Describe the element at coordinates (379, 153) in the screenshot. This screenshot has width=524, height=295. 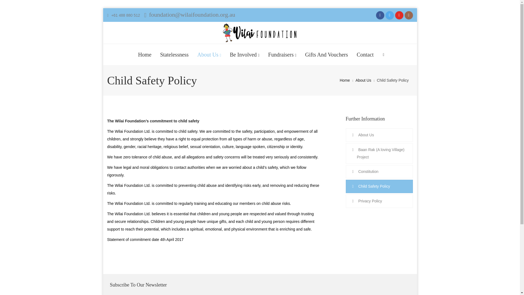
I see `'Baan Rak (A loving Village) Project'` at that location.